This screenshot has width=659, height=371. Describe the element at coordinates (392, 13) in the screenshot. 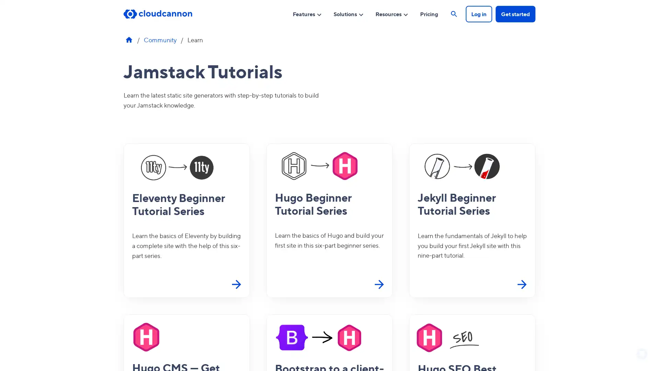

I see `Resources` at that location.